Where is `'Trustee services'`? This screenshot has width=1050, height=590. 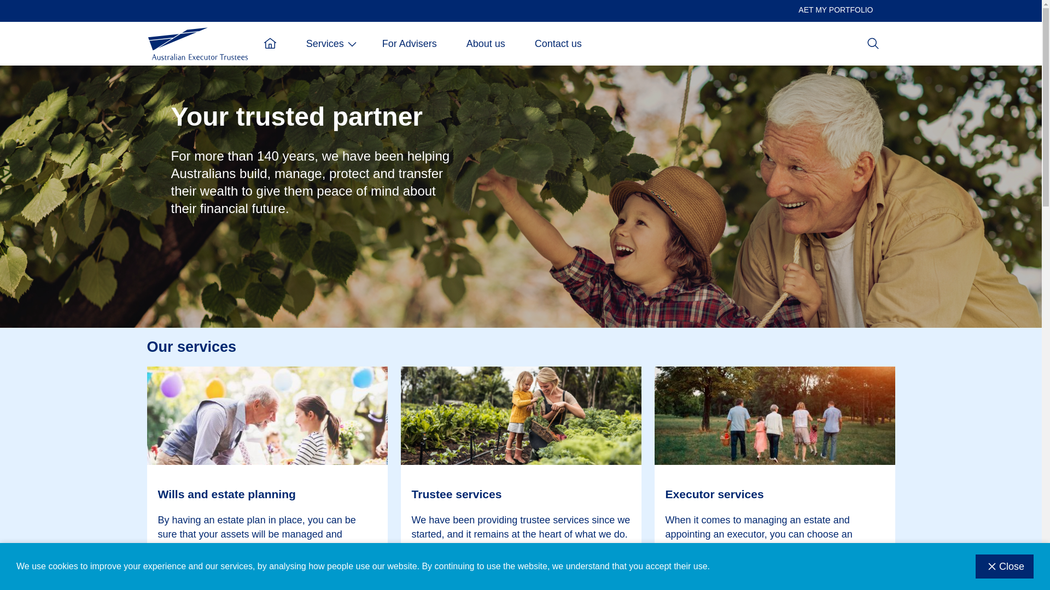 'Trustee services' is located at coordinates (520, 494).